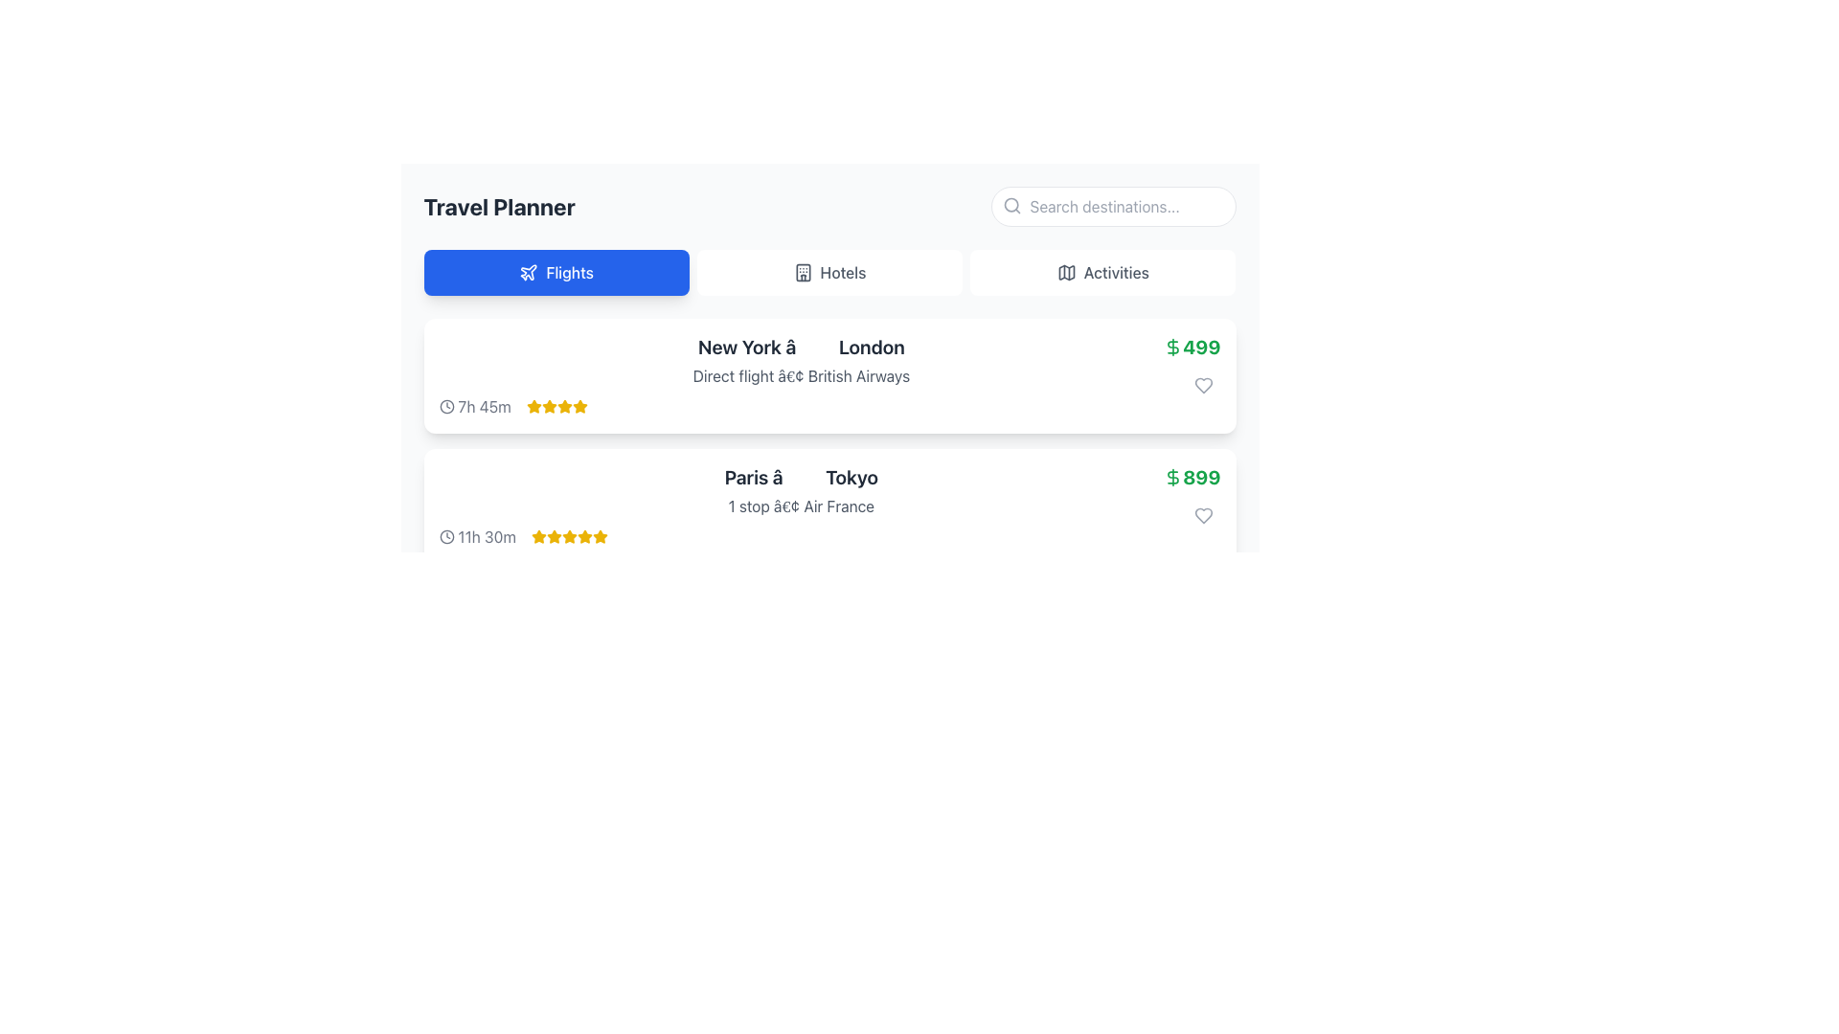 The width and height of the screenshot is (1839, 1034). Describe the element at coordinates (569, 536) in the screenshot. I see `the yellow star icon in the Flights section of the Travel Planner interface to rate it` at that location.